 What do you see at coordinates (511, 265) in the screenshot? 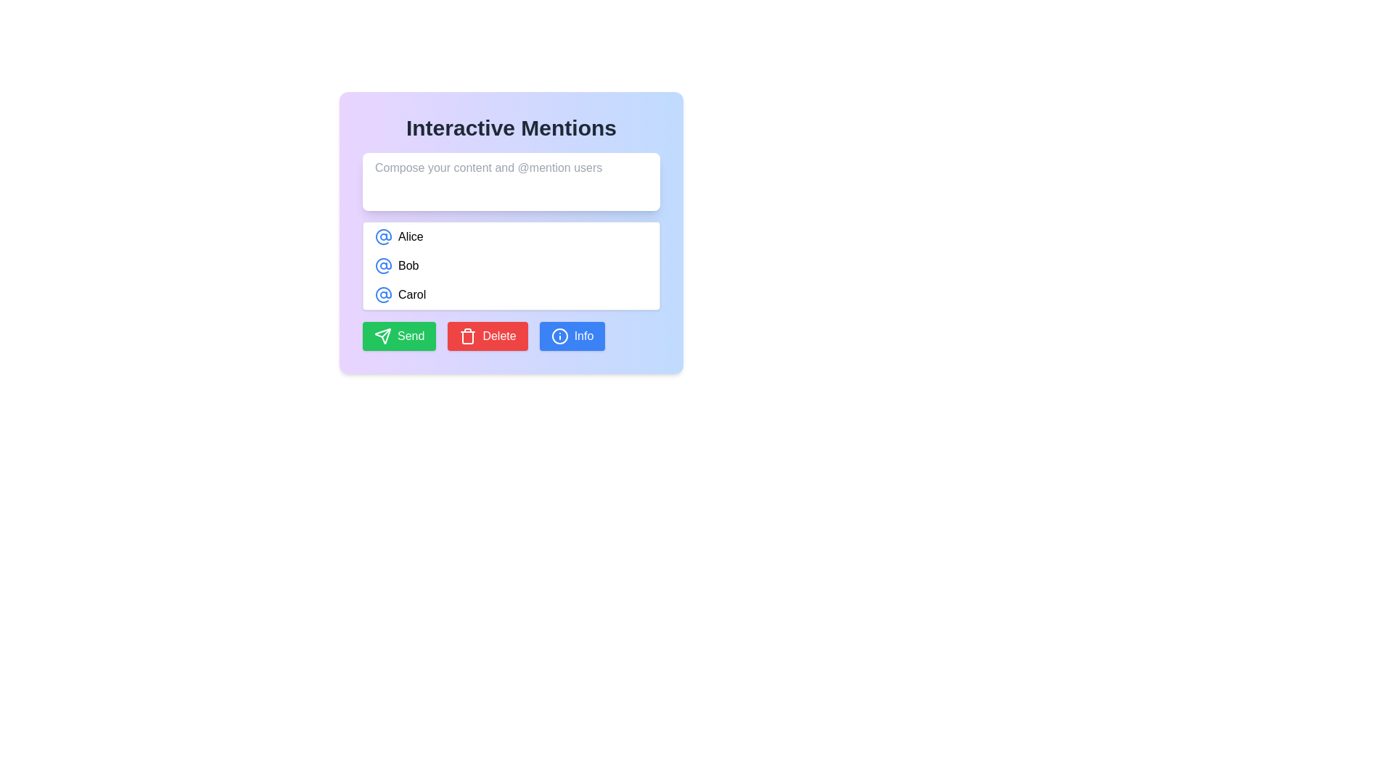
I see `the second option 'Bob' in the dropdown list` at bounding box center [511, 265].